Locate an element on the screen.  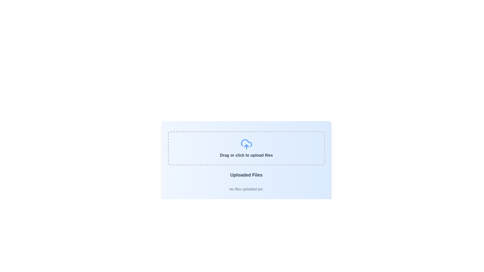
the central cloud-shaped upload icon, which visually represents the file upload function is located at coordinates (246, 143).